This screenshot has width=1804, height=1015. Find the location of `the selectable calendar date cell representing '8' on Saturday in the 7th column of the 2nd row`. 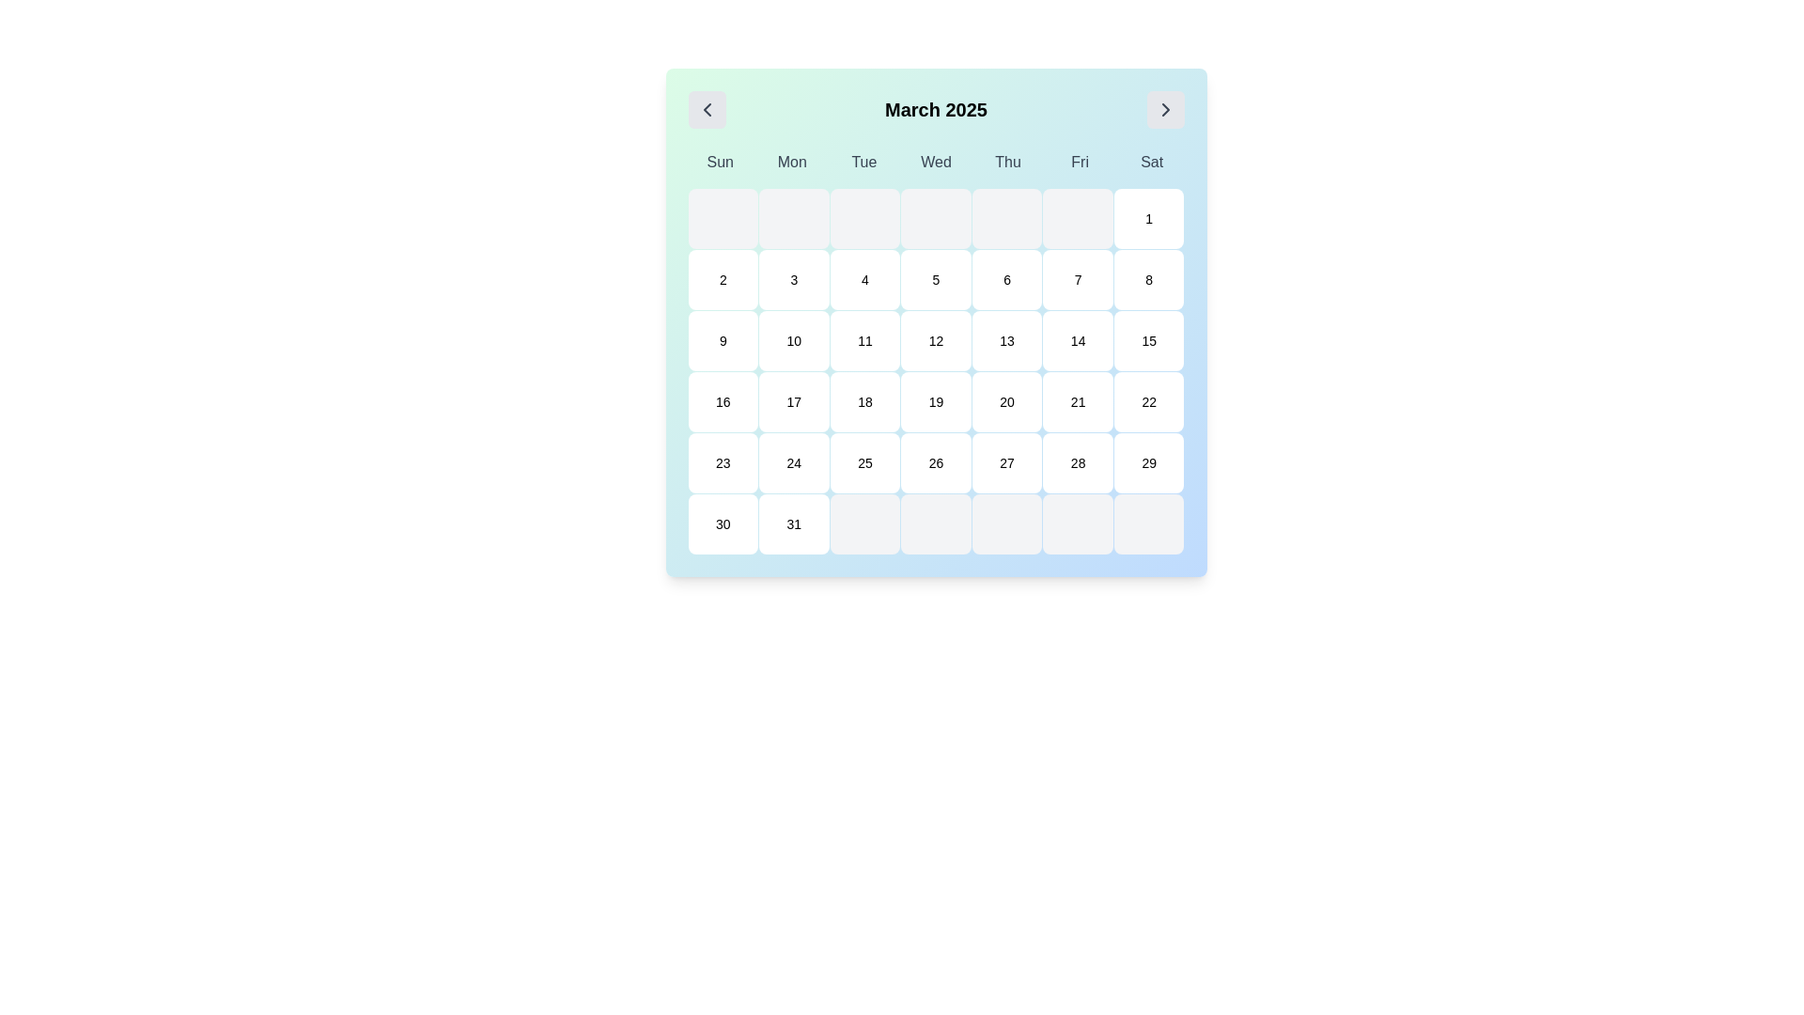

the selectable calendar date cell representing '8' on Saturday in the 7th column of the 2nd row is located at coordinates (1148, 279).